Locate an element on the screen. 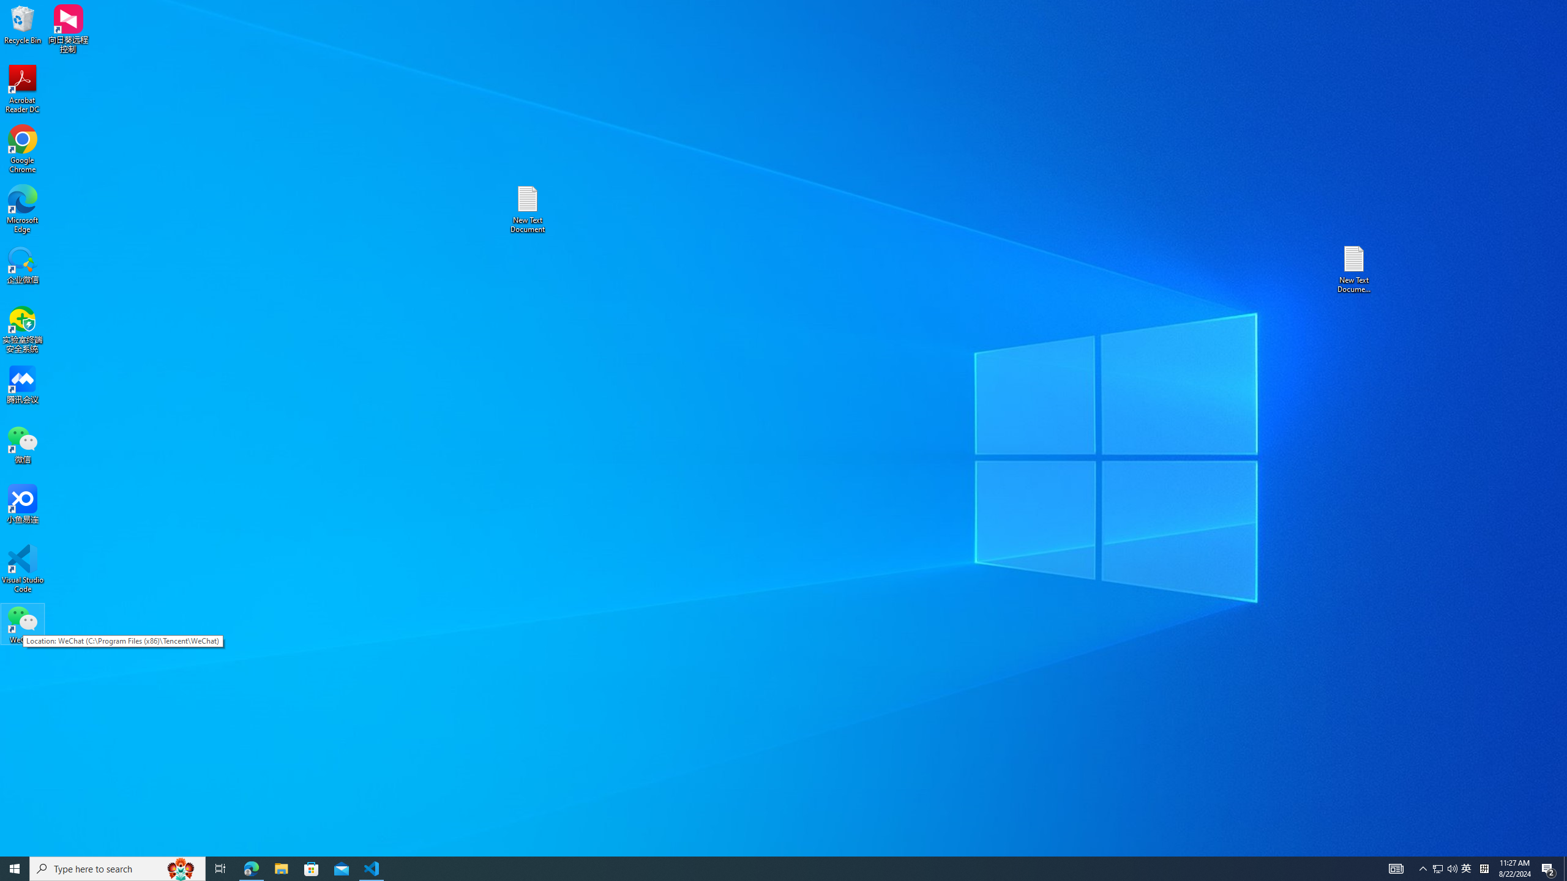  'Visual Studio Code - 1 running window' is located at coordinates (372, 868).